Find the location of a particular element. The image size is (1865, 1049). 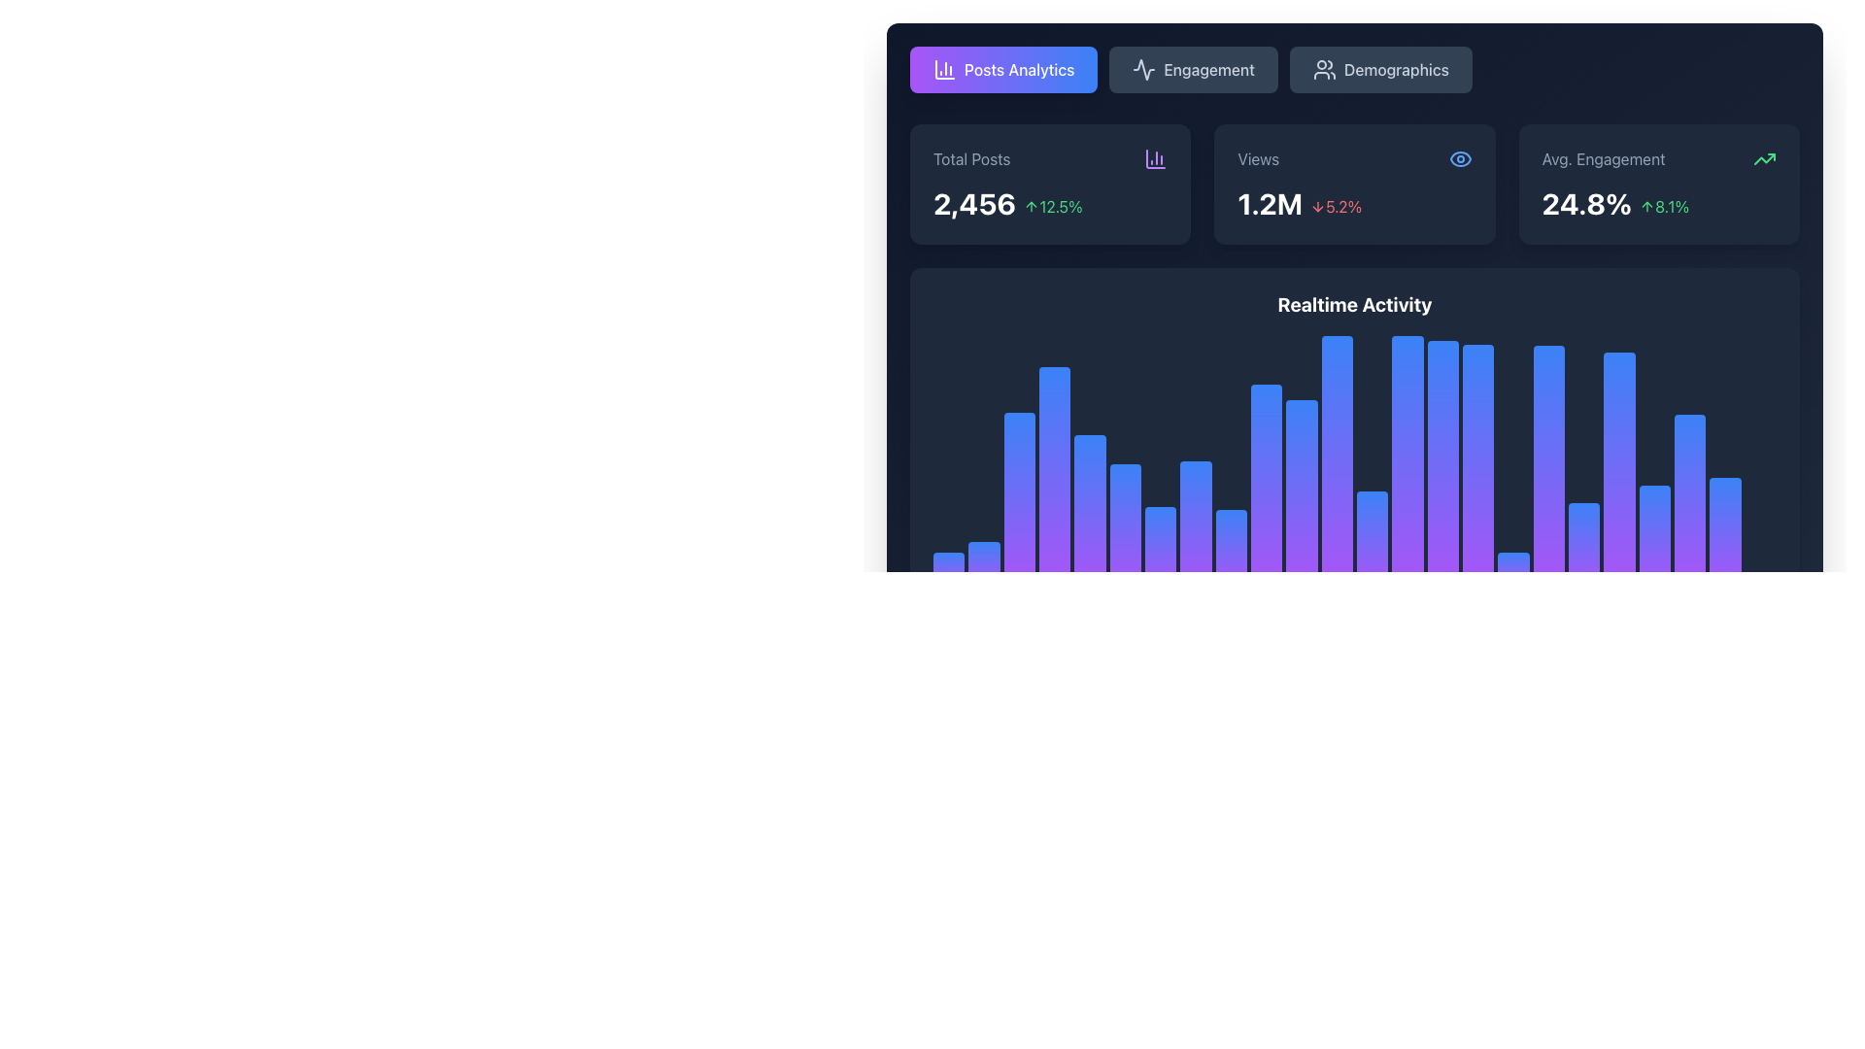

the bar chart icon located to the left of the 'Posts Analytics' text within the button in the top-left corner of the interface is located at coordinates (945, 69).